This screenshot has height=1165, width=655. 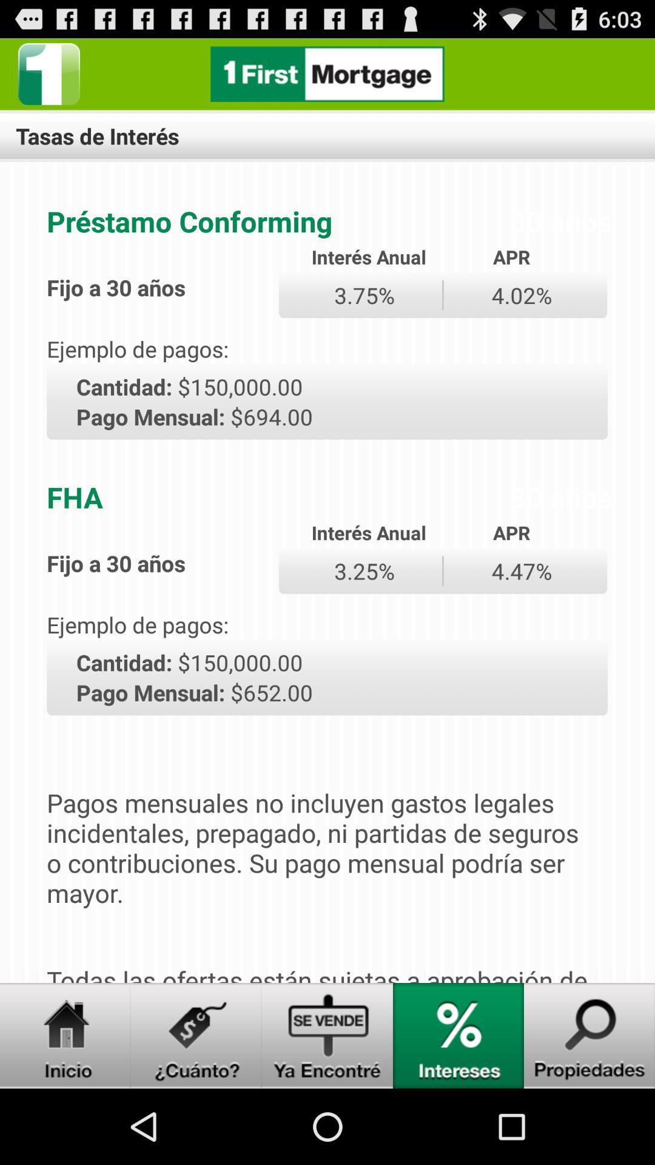 I want to click on the search icon, so click(x=589, y=1108).